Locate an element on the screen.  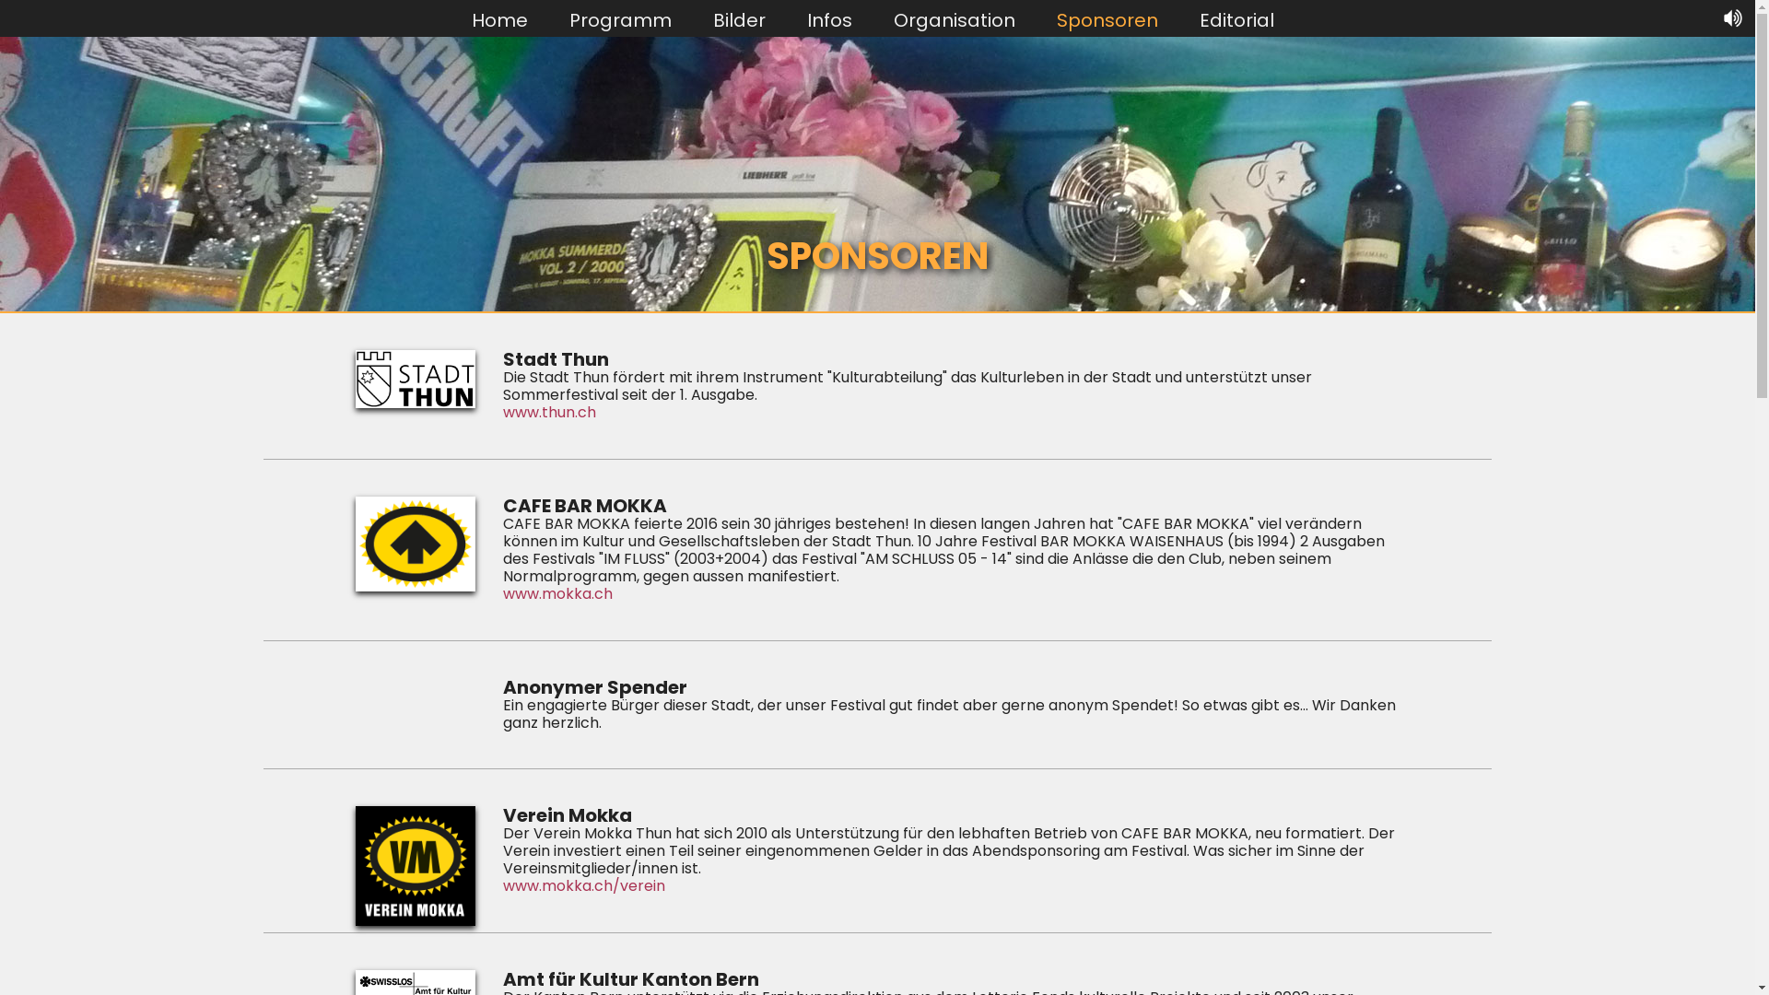
'Infos' is located at coordinates (828, 18).